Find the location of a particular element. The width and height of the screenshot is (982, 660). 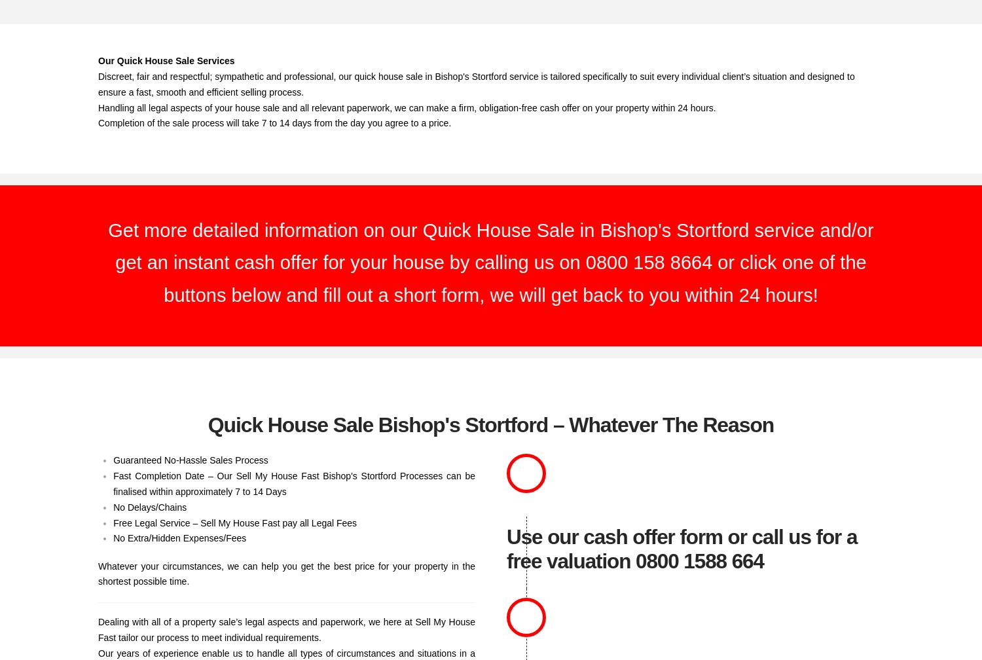

'Free Legal Service – Sell My House Fast pay all Legal Fees' is located at coordinates (234, 522).